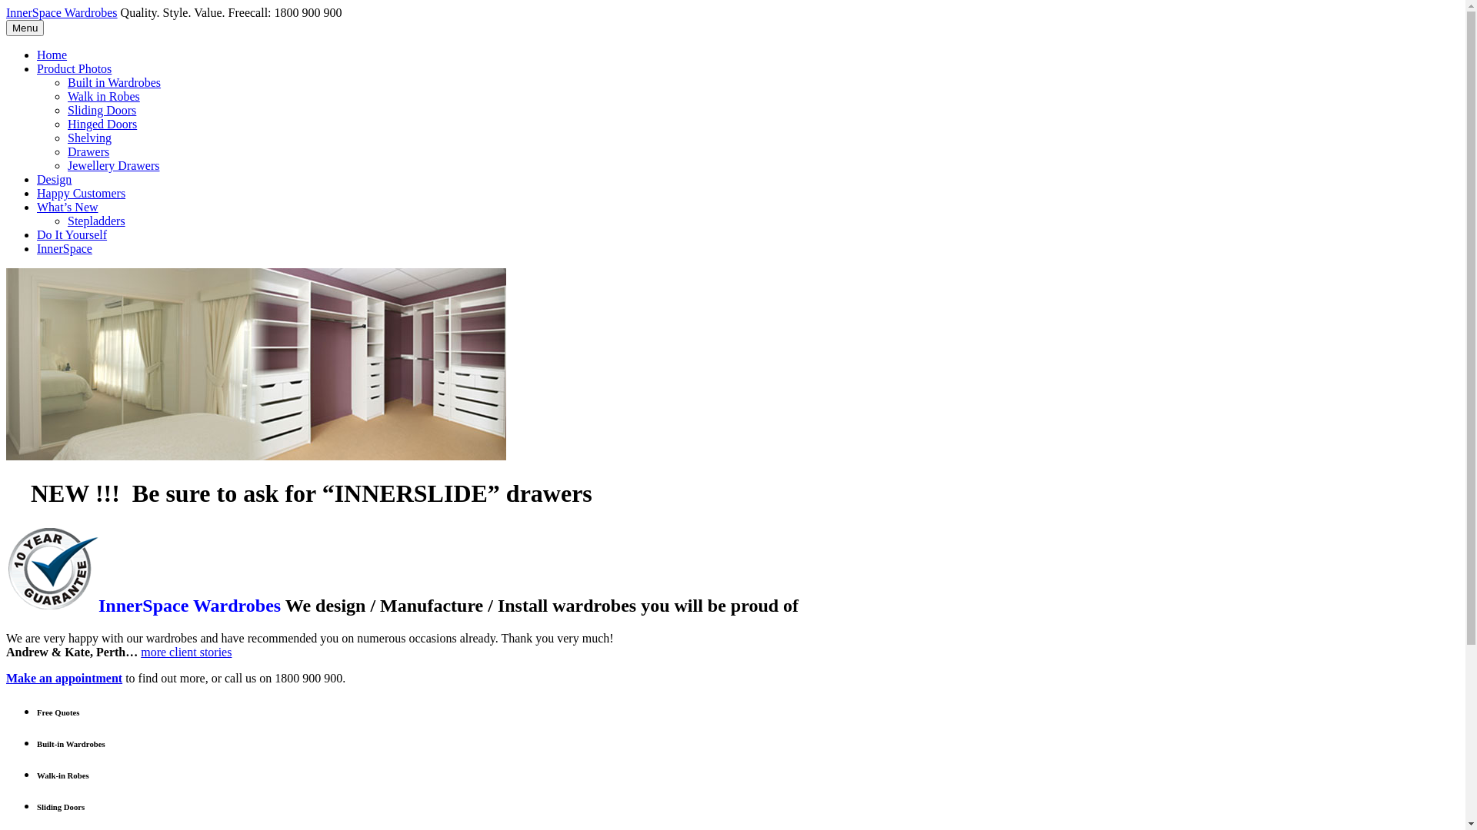 This screenshot has width=1477, height=830. Describe the element at coordinates (37, 234) in the screenshot. I see `'Do It Yourself'` at that location.